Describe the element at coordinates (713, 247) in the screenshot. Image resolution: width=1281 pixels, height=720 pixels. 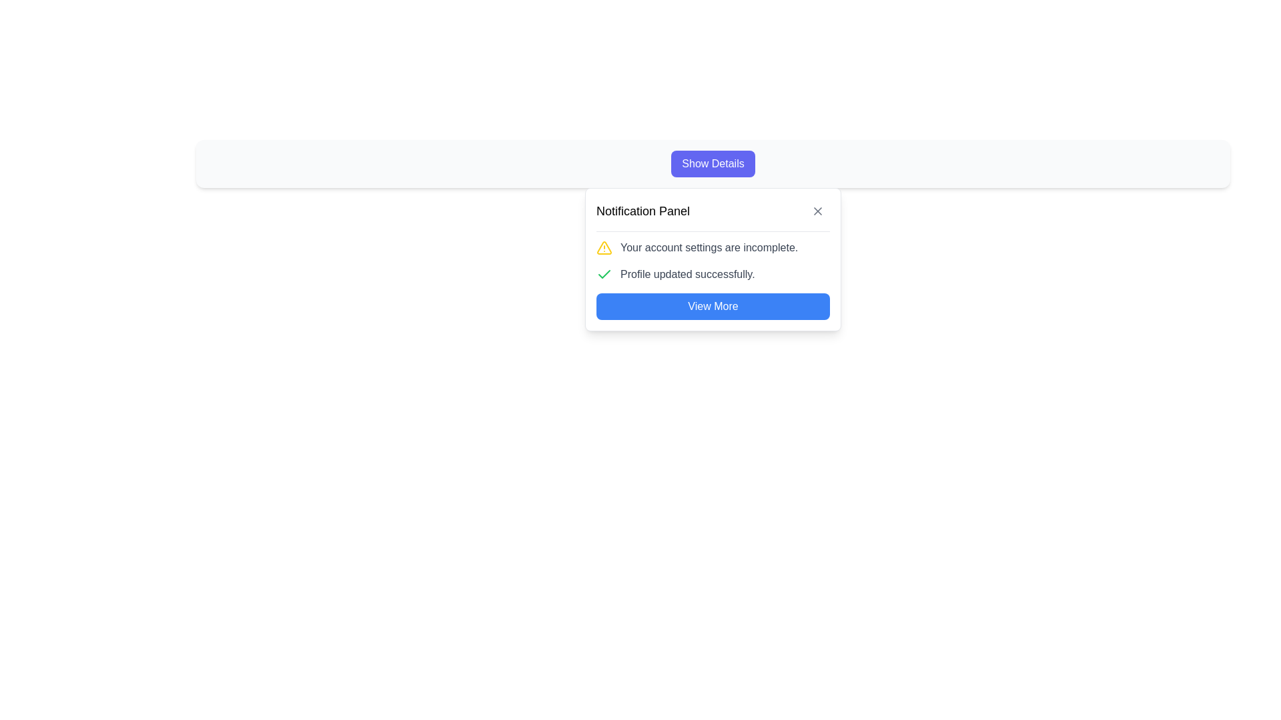
I see `the notification message indicating incomplete account settings at the top of the notification panel` at that location.